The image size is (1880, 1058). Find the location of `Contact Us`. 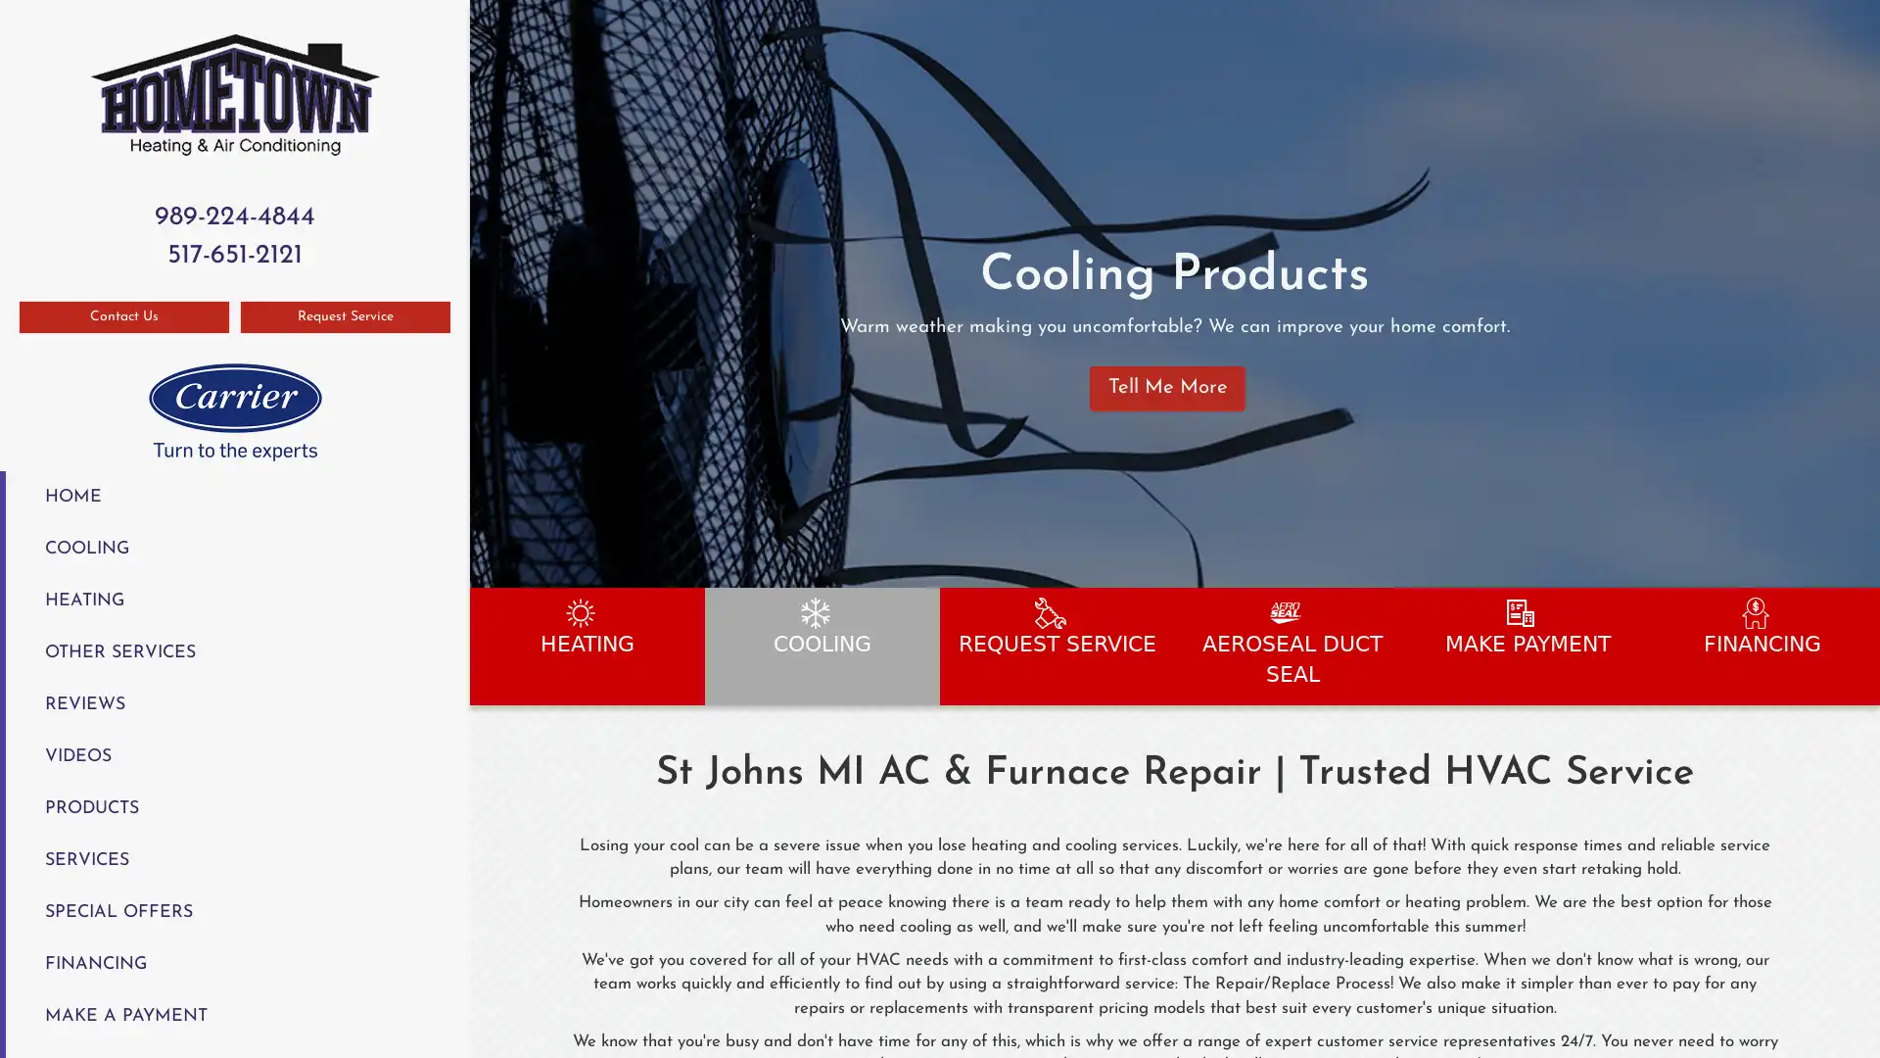

Contact Us is located at coordinates (122, 315).